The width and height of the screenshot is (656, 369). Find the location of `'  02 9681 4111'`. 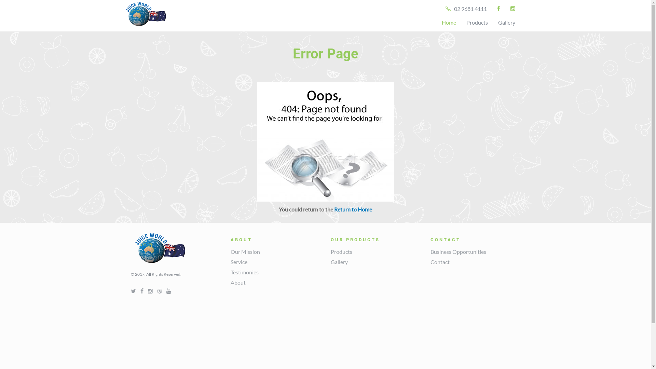

'  02 9681 4111' is located at coordinates (465, 9).